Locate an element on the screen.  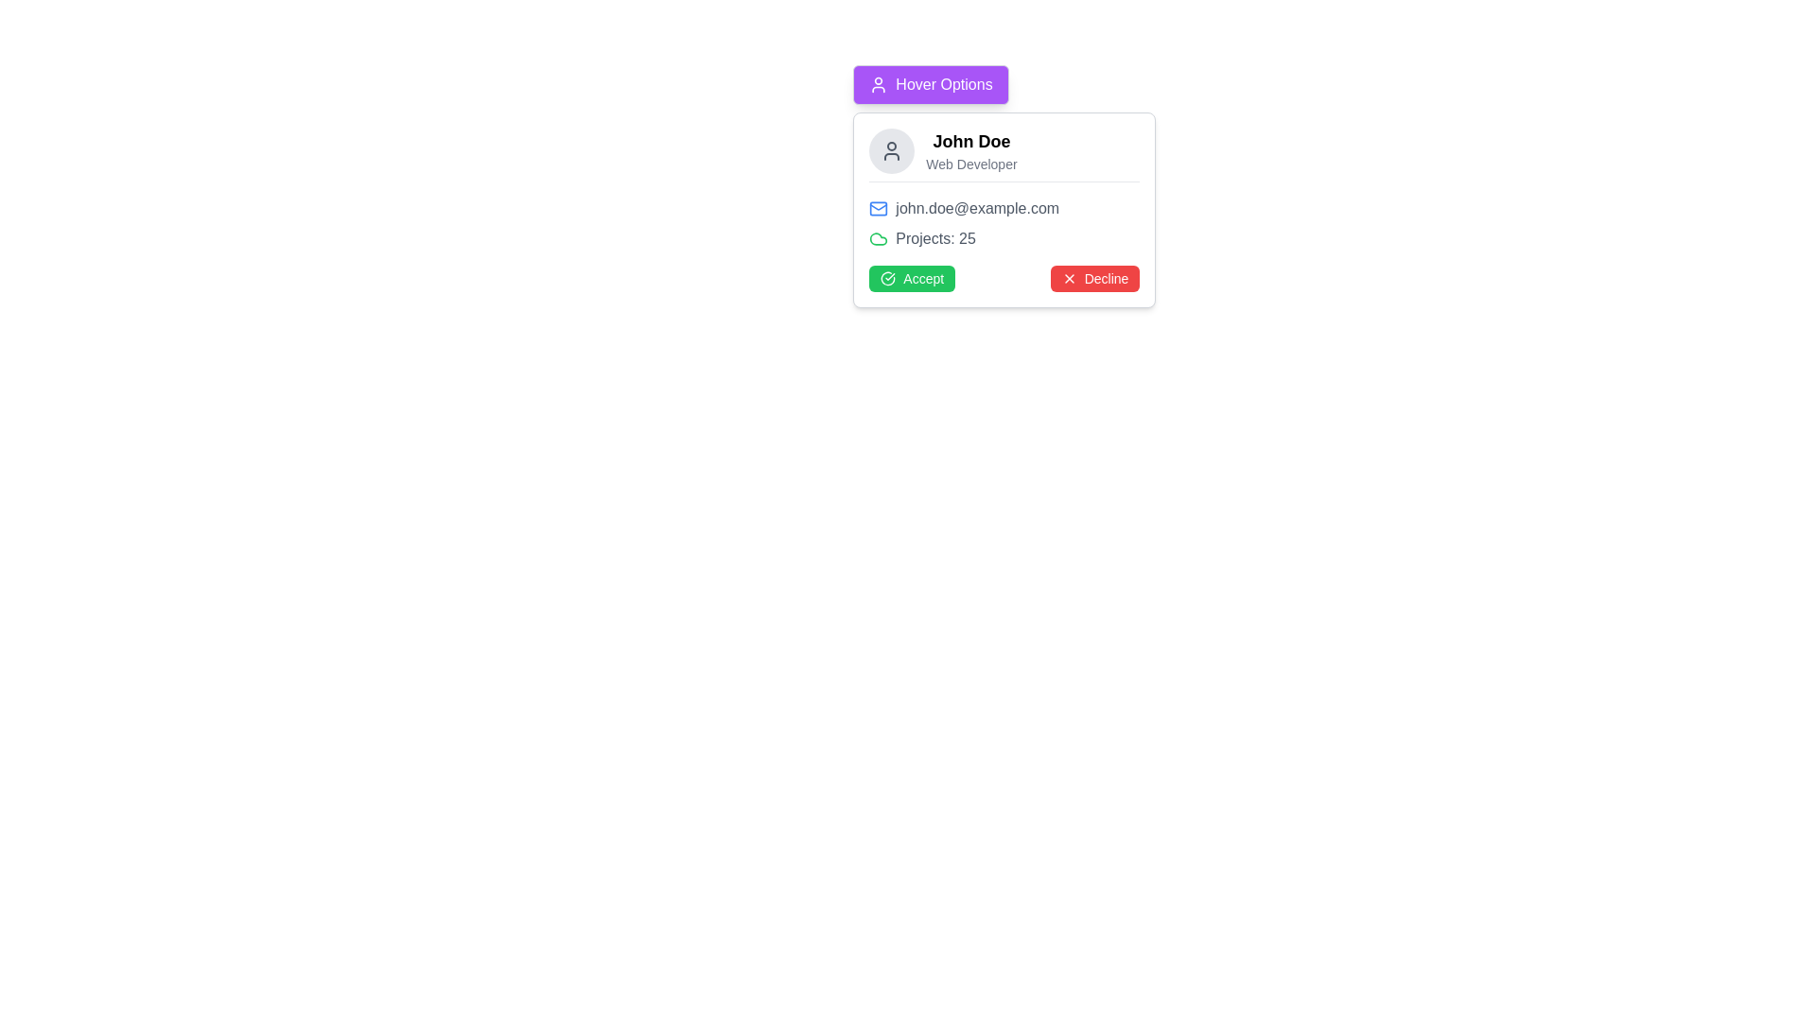
the diagonal line segment of the blue envelope icon located next to the email text 'john.doe@example.com' in the contact information card is located at coordinates (878, 207).